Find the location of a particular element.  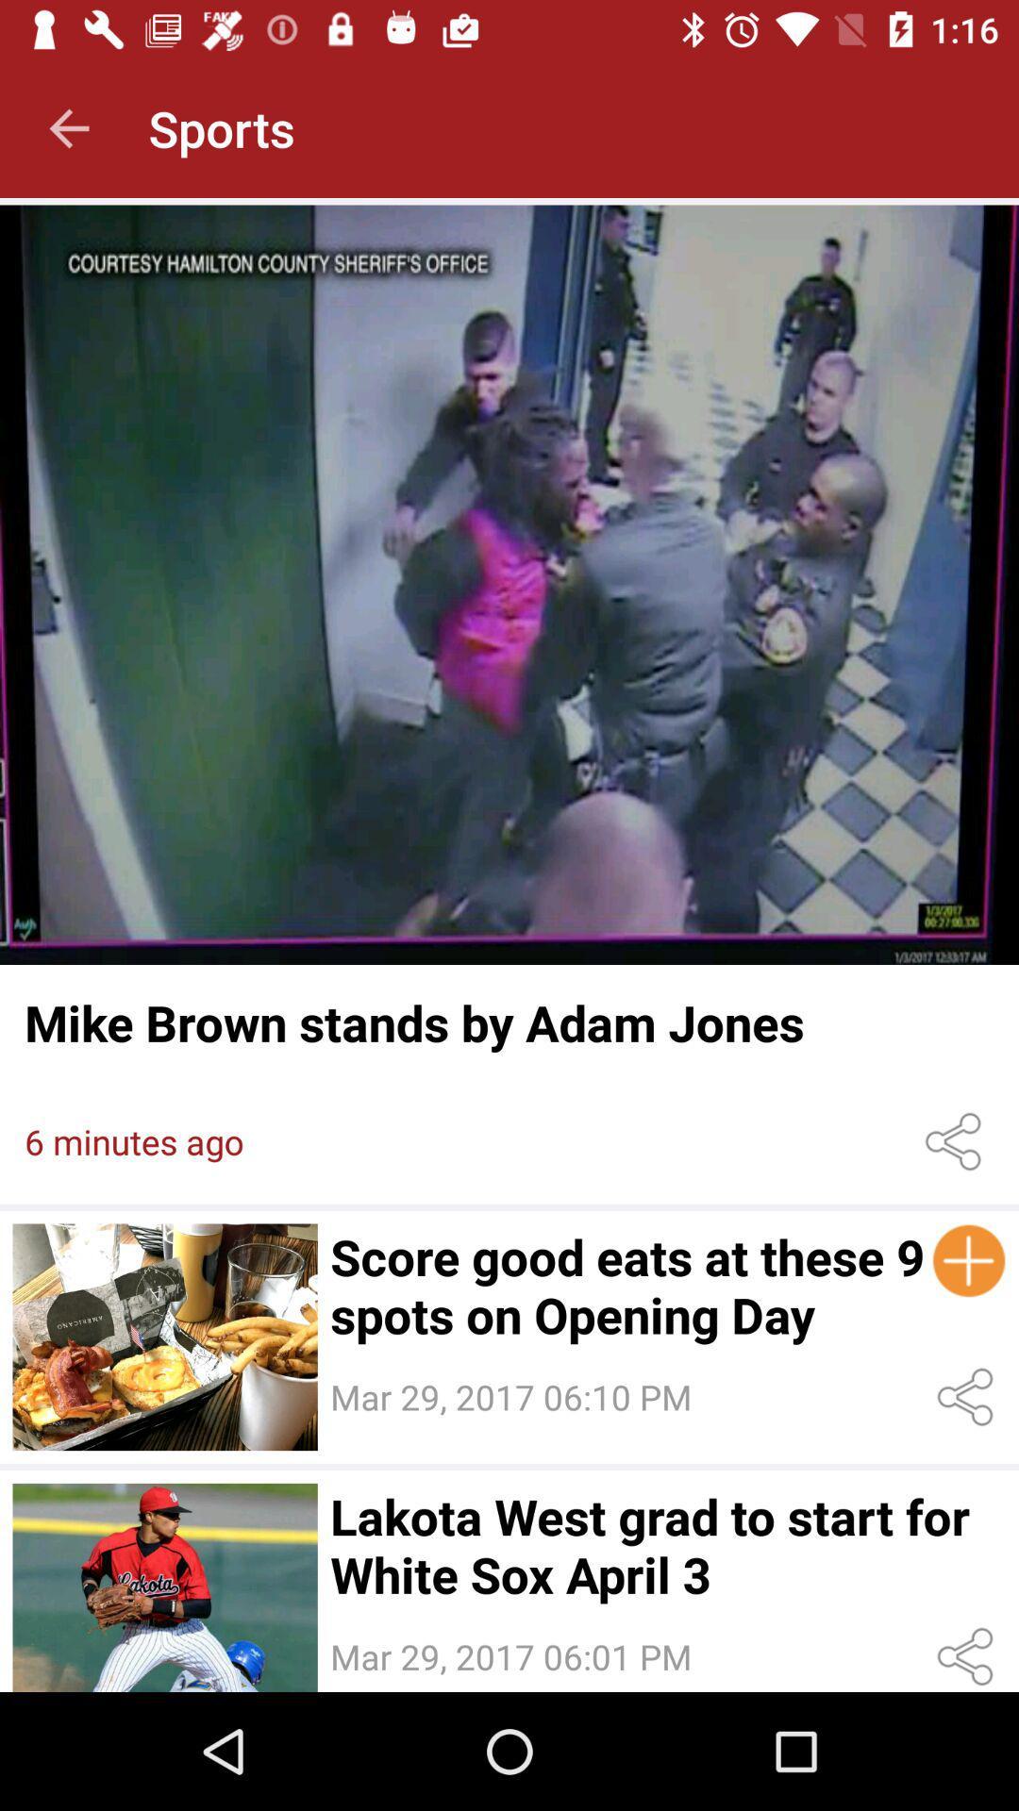

share the article is located at coordinates (969, 1397).